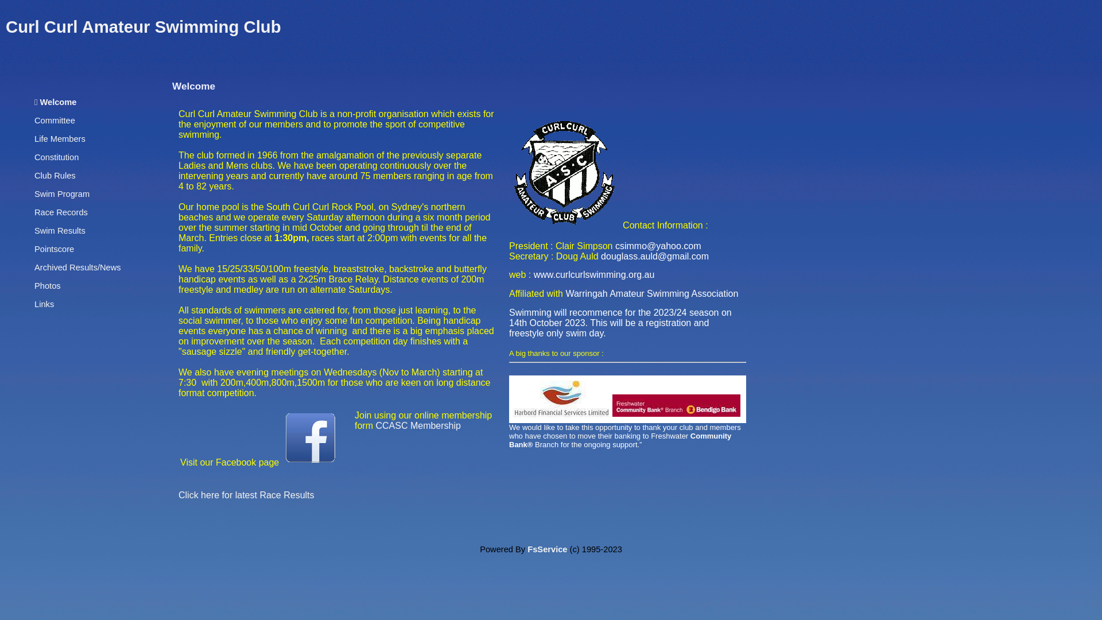 The width and height of the screenshot is (1102, 620). What do you see at coordinates (59, 138) in the screenshot?
I see `'Life Members'` at bounding box center [59, 138].